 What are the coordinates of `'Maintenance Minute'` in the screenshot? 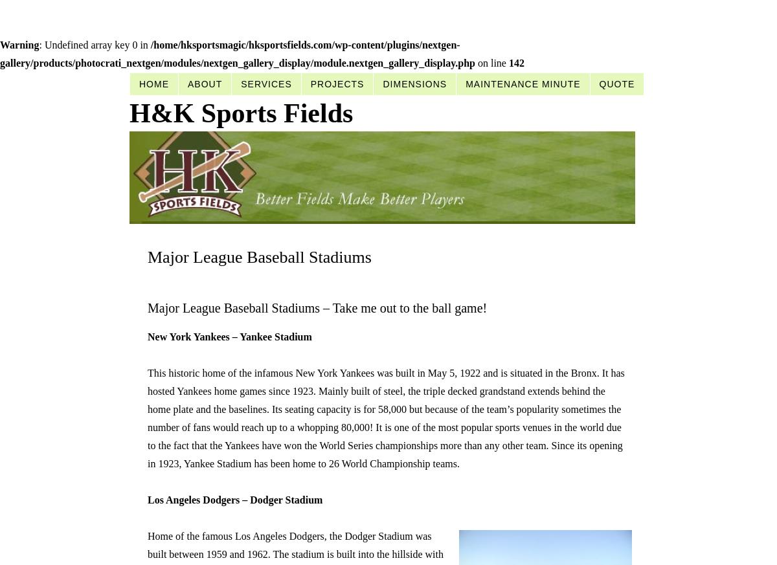 It's located at (466, 83).